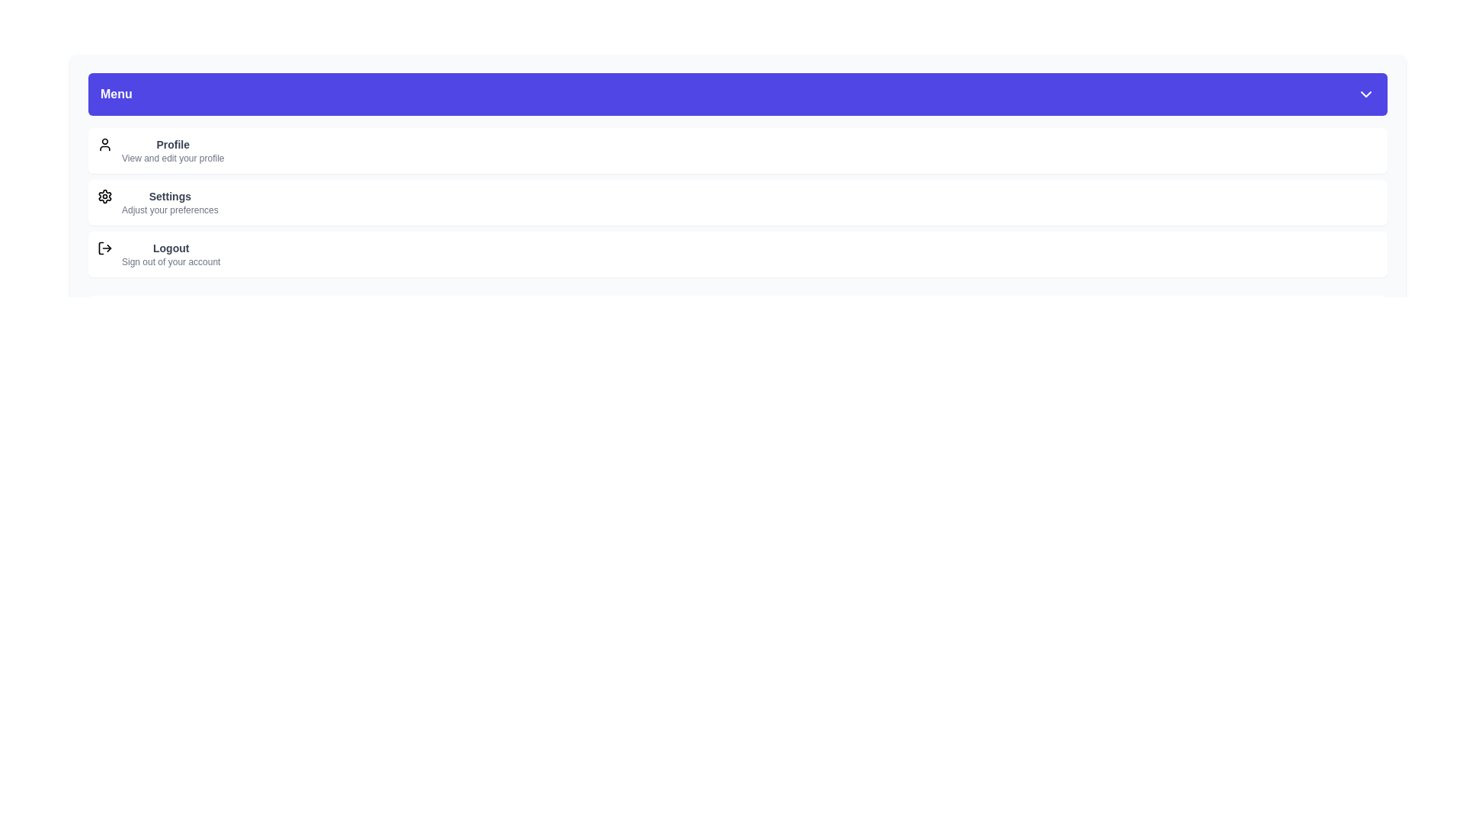 Image resolution: width=1463 pixels, height=823 pixels. What do you see at coordinates (738, 202) in the screenshot?
I see `the menu item labeled Settings to select it` at bounding box center [738, 202].